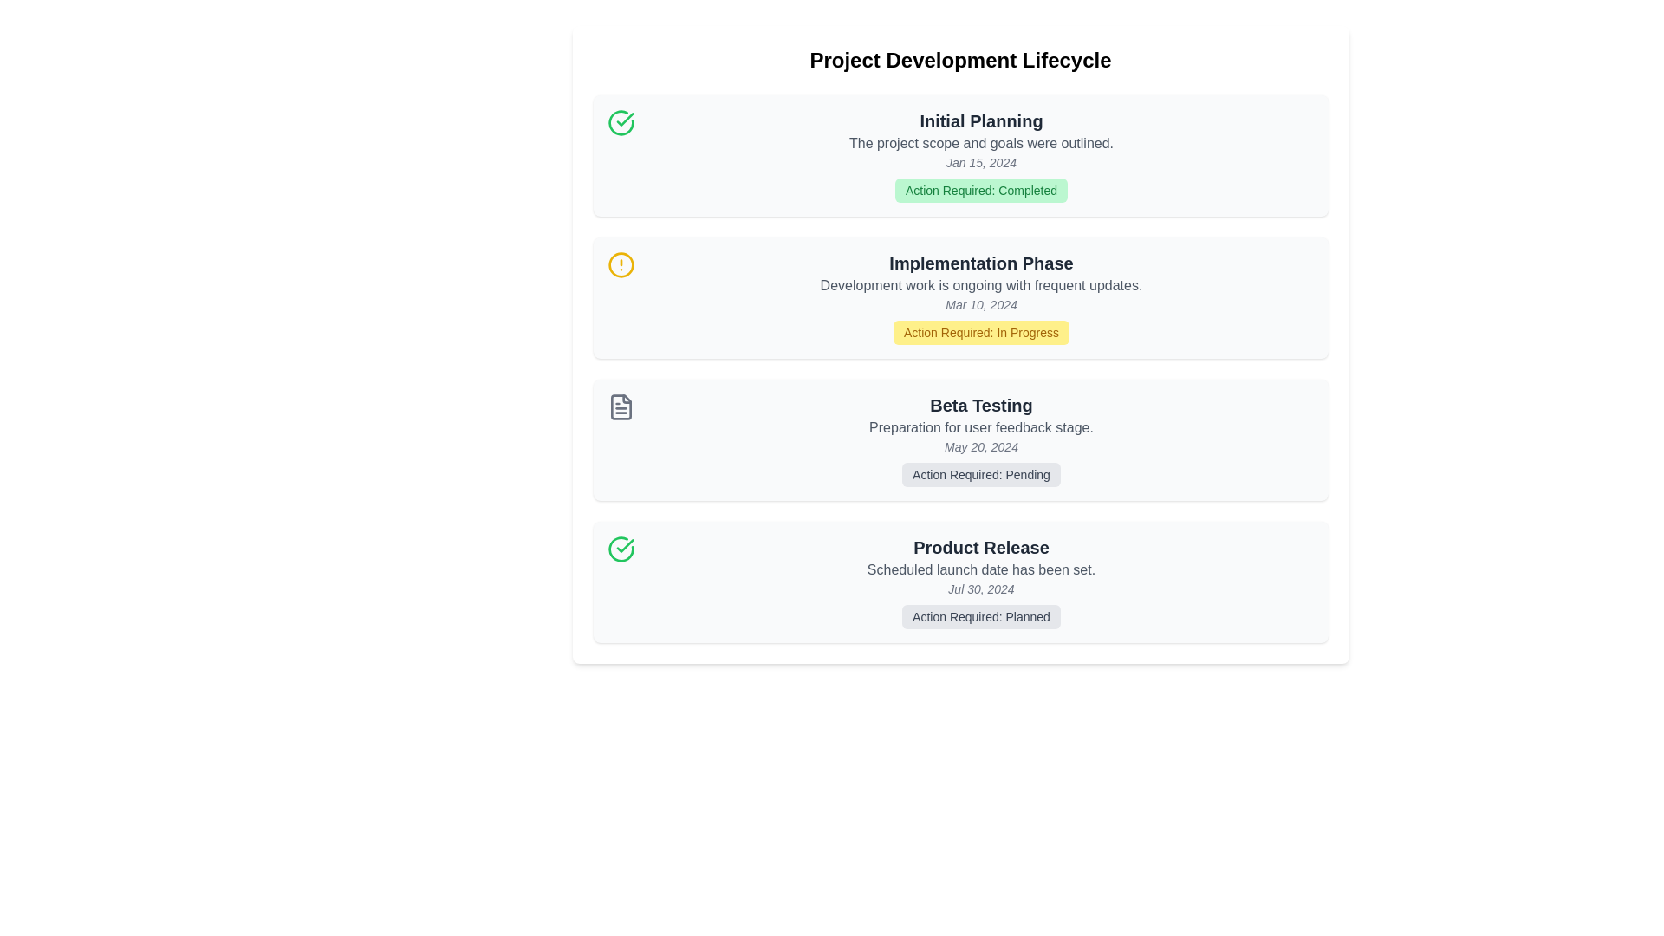 Image resolution: width=1664 pixels, height=936 pixels. What do you see at coordinates (621, 122) in the screenshot?
I see `the green circular icon with a checkmark inside, which indicates a completed status, located in the top-left corner of the 'Initial Planning' card` at bounding box center [621, 122].